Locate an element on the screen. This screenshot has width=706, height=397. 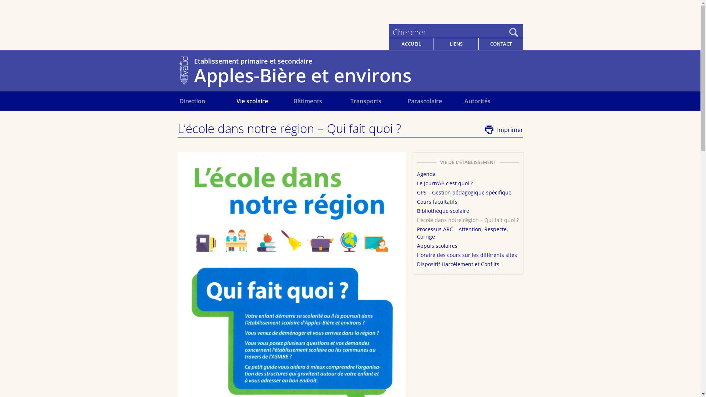
'ACCUEIL' is located at coordinates (411, 44).